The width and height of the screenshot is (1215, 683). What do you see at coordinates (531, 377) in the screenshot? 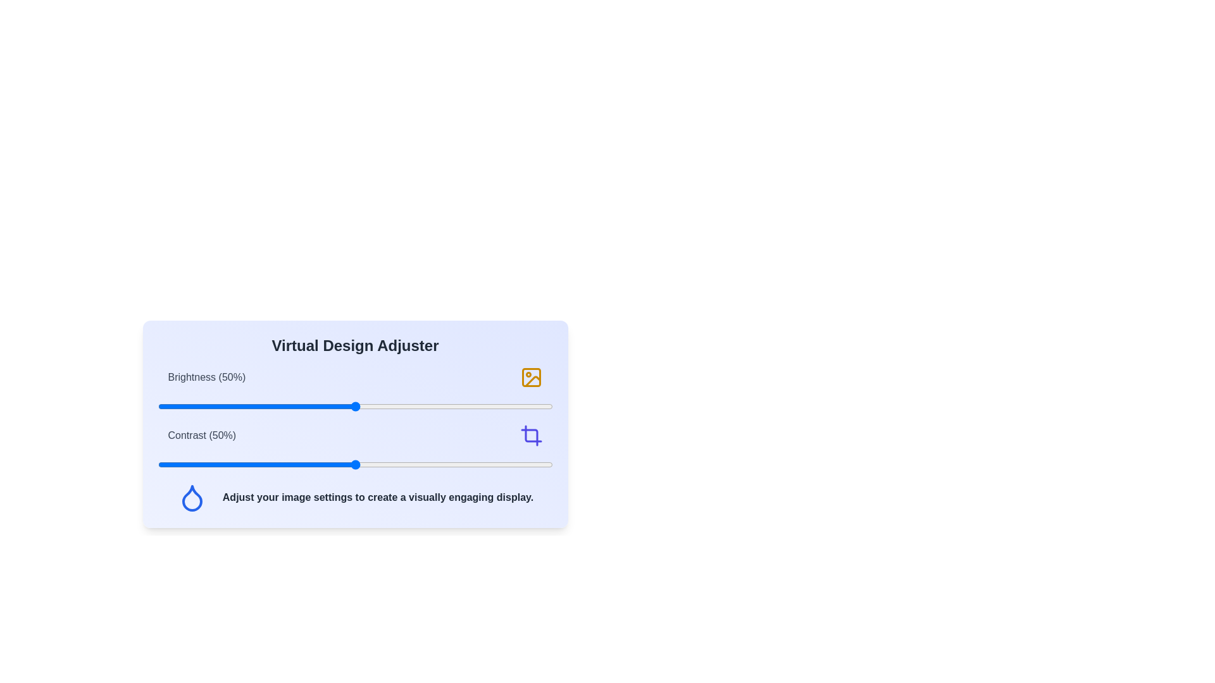
I see `the 'Image' icon for brightness adjustment` at bounding box center [531, 377].